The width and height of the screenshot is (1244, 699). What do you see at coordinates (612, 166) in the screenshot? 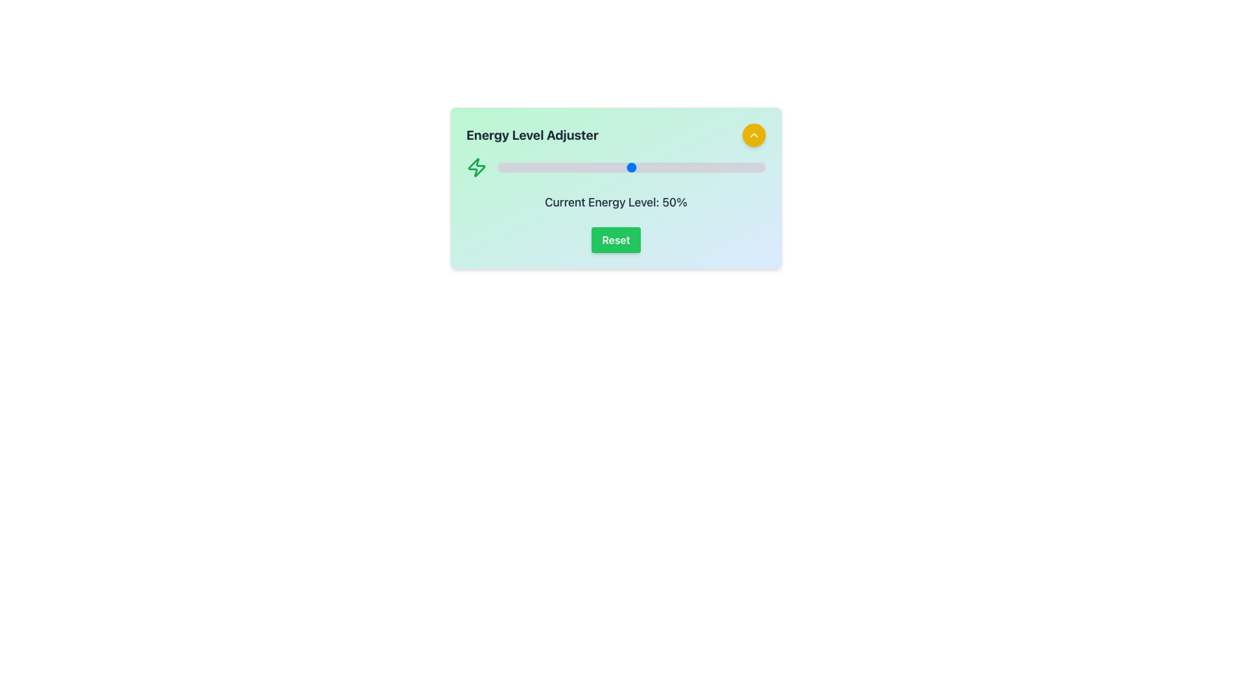
I see `energy level` at bounding box center [612, 166].